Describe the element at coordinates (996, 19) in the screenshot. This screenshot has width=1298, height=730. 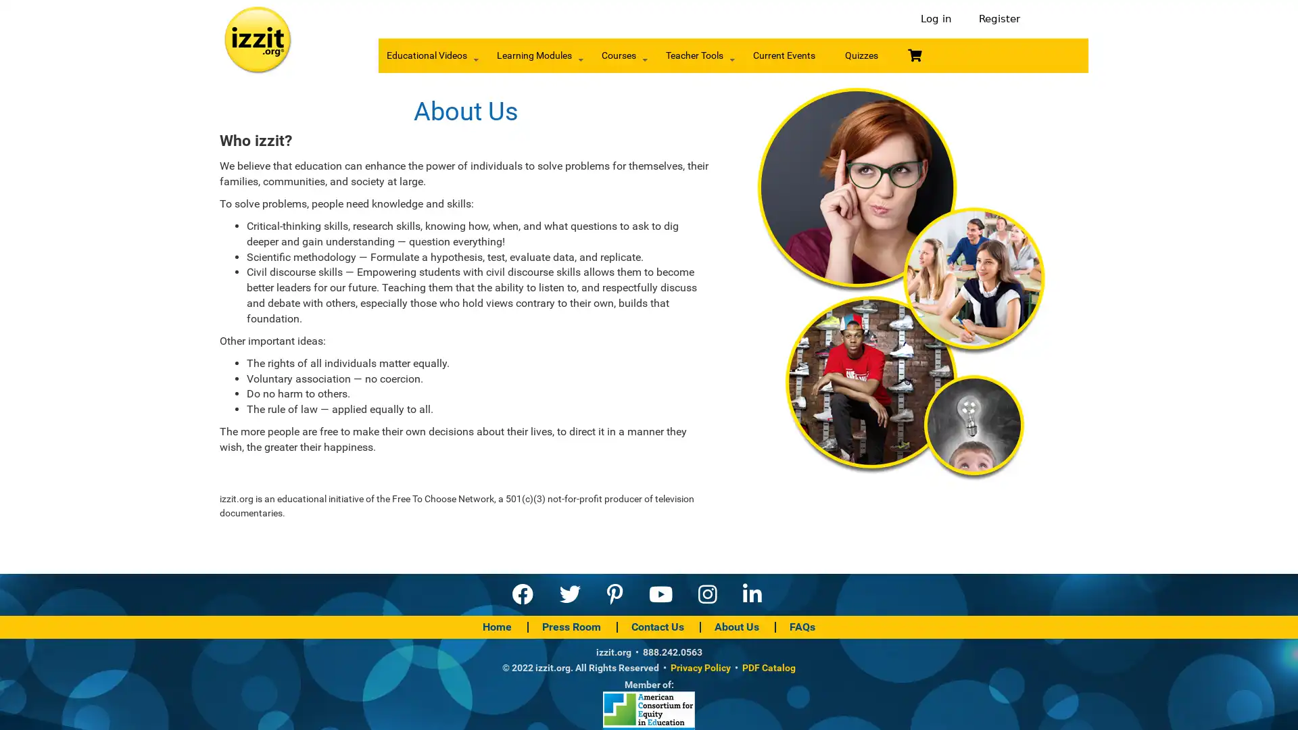
I see `Register` at that location.